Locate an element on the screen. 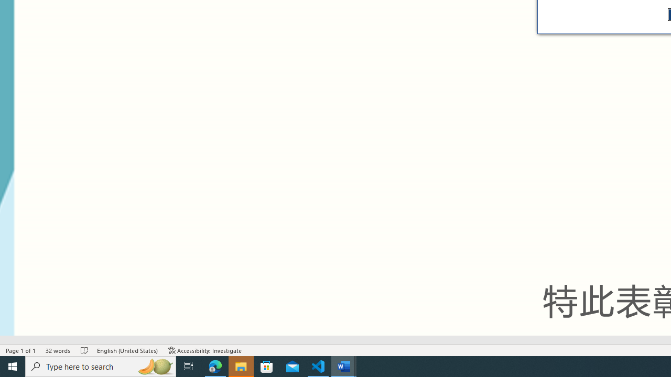  'Start' is located at coordinates (13, 365).